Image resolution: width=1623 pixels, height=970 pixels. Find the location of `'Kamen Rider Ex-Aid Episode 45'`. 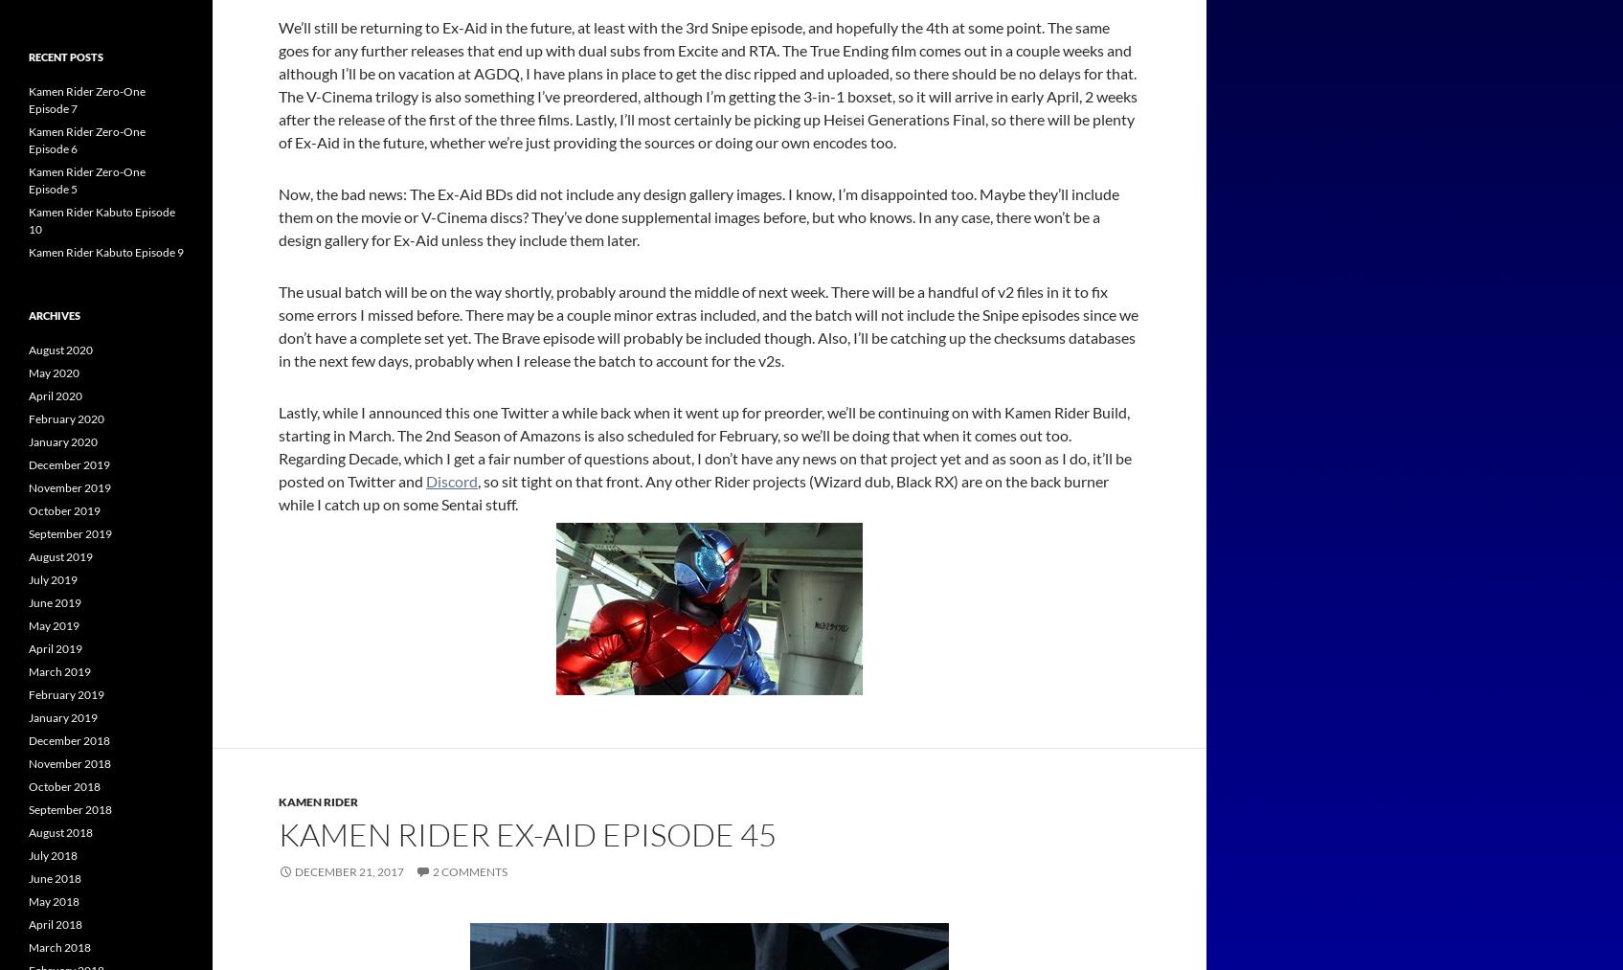

'Kamen Rider Ex-Aid Episode 45' is located at coordinates (528, 833).